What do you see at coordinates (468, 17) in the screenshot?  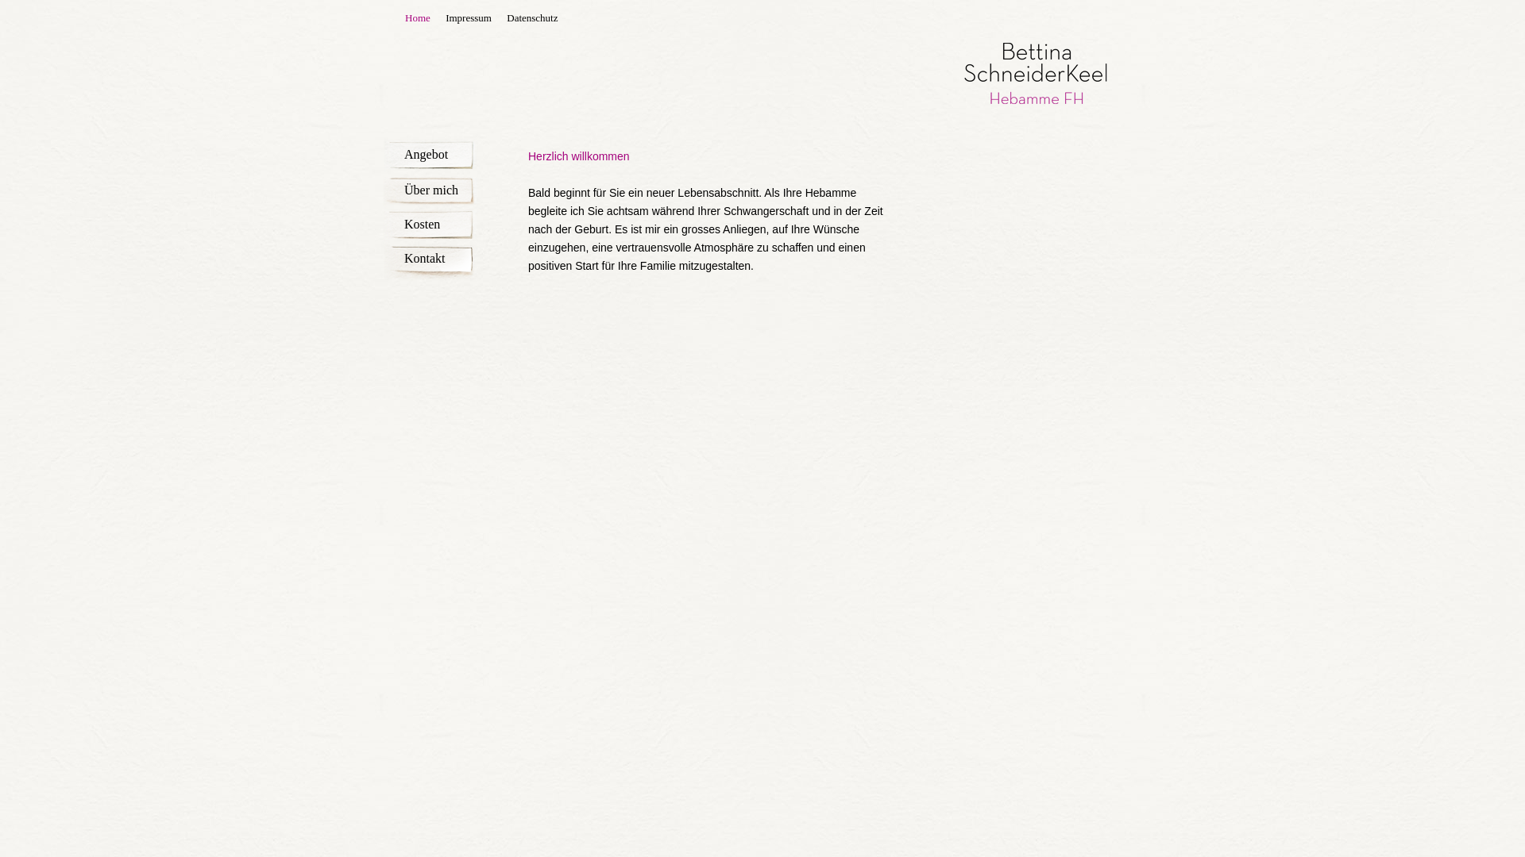 I see `'Impressum'` at bounding box center [468, 17].